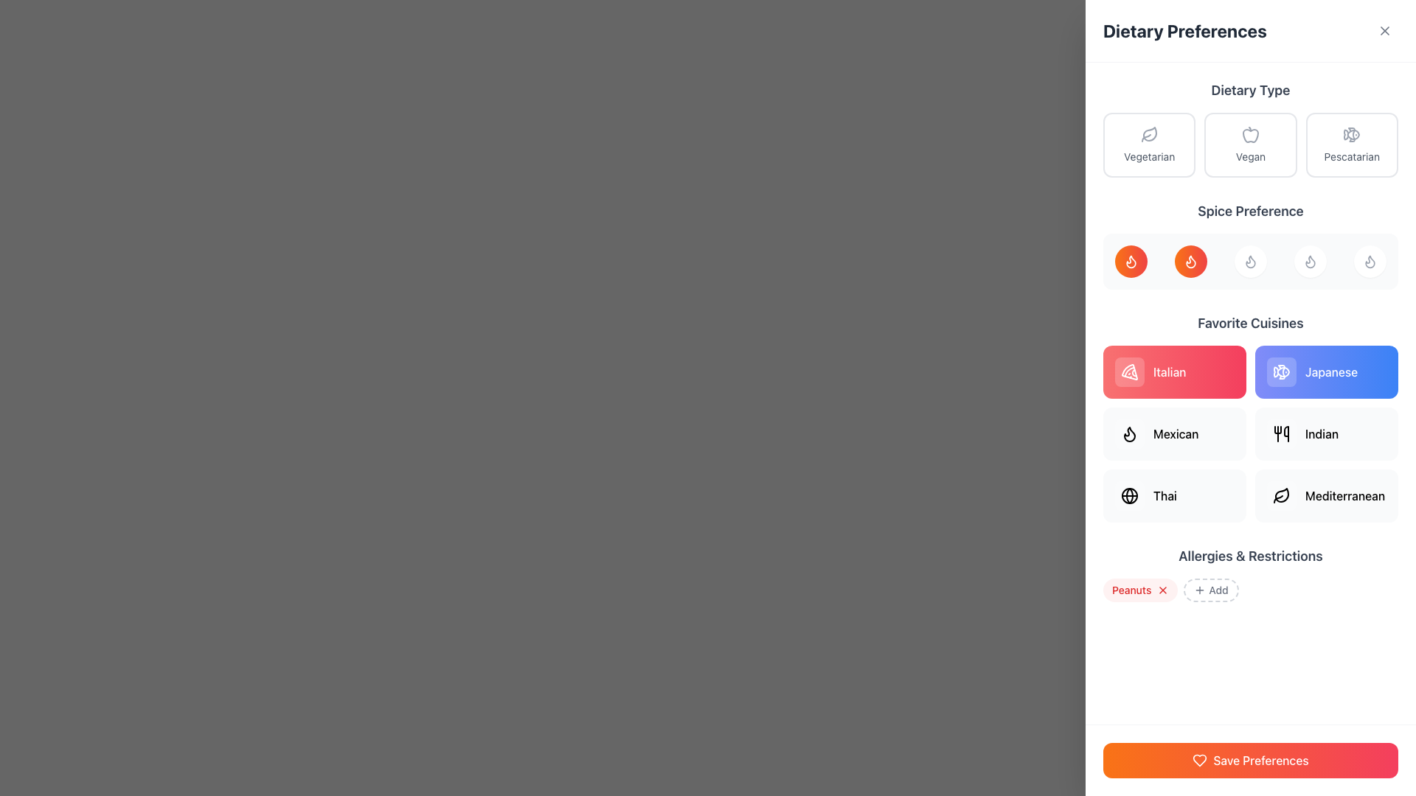 Image resolution: width=1416 pixels, height=796 pixels. Describe the element at coordinates (1131, 260) in the screenshot. I see `the leftmost circular icon with a flame glyph in the 'Spice Preference' section` at that location.